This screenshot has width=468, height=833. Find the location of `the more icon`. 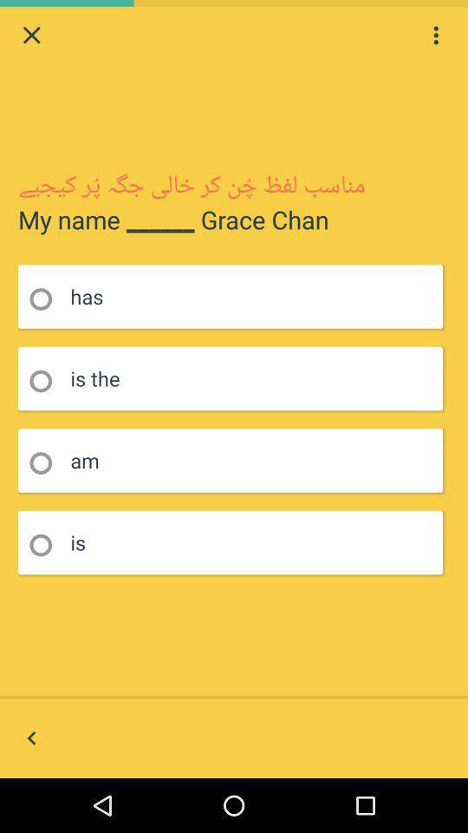

the more icon is located at coordinates (435, 36).